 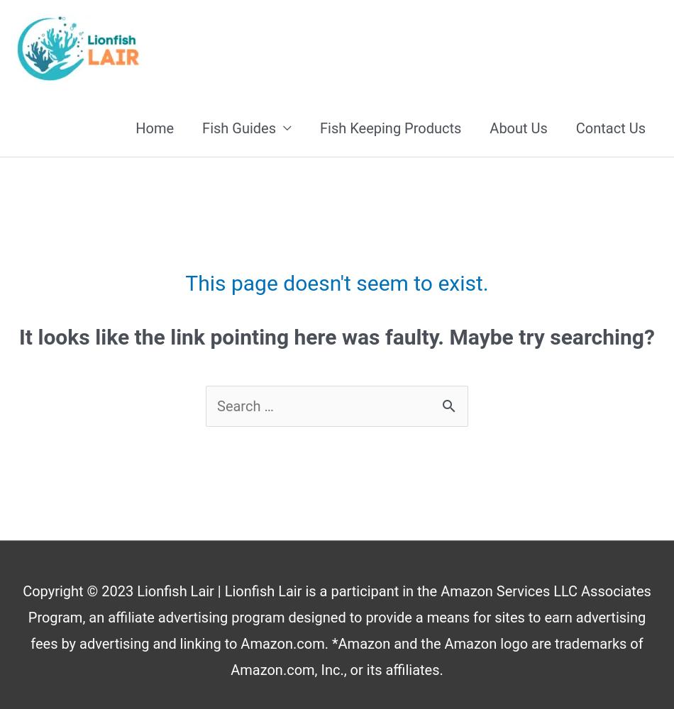 What do you see at coordinates (175, 591) in the screenshot?
I see `'Lionfish Lair'` at bounding box center [175, 591].